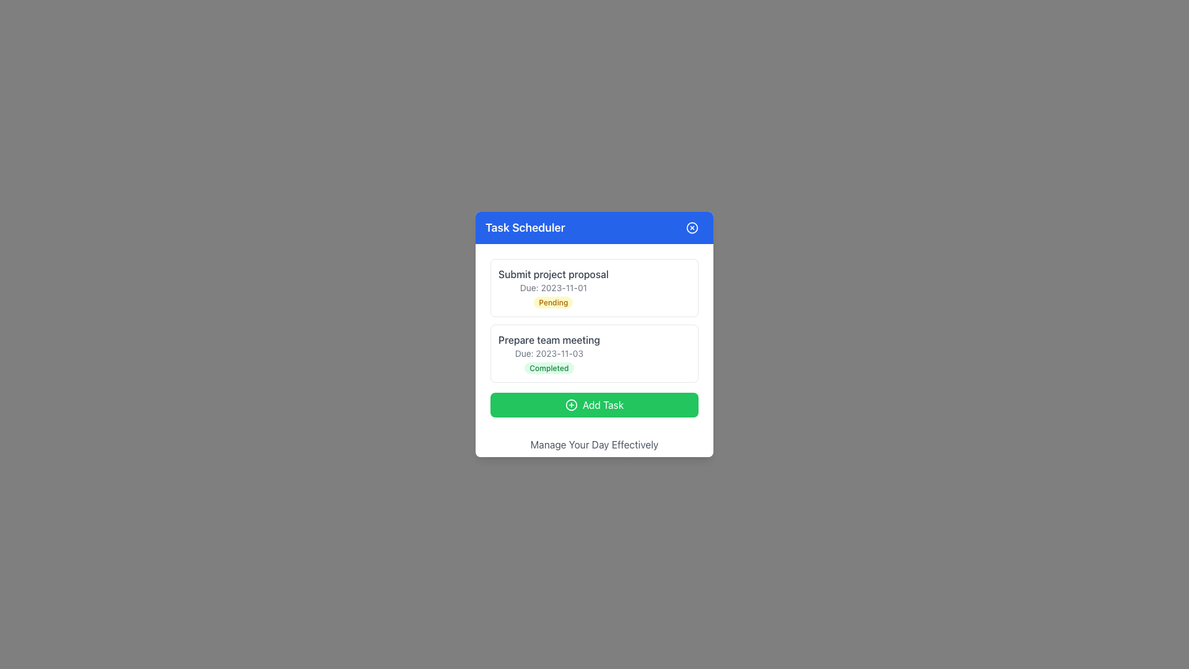  What do you see at coordinates (570, 405) in the screenshot?
I see `the 'Add Task' button, which features an SVG circle icon with a green background and a cross symbol, located at the bottom of the task scheduler's main window` at bounding box center [570, 405].